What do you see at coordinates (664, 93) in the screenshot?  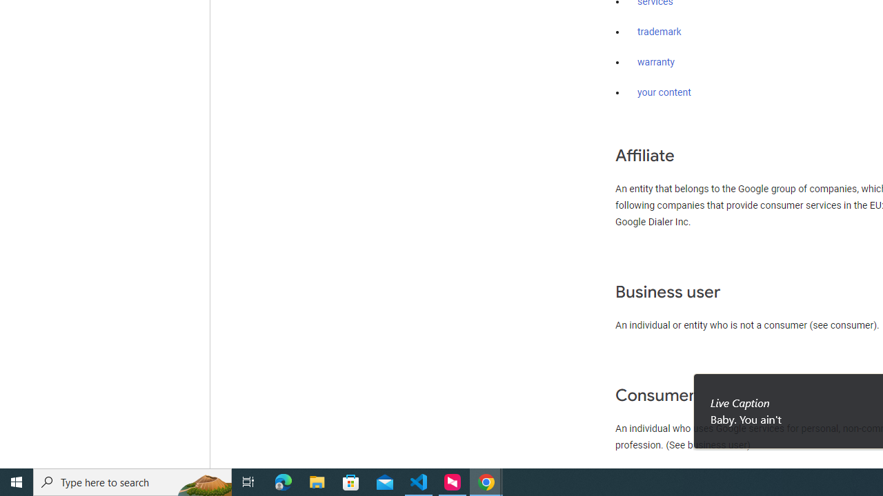 I see `'your content'` at bounding box center [664, 93].